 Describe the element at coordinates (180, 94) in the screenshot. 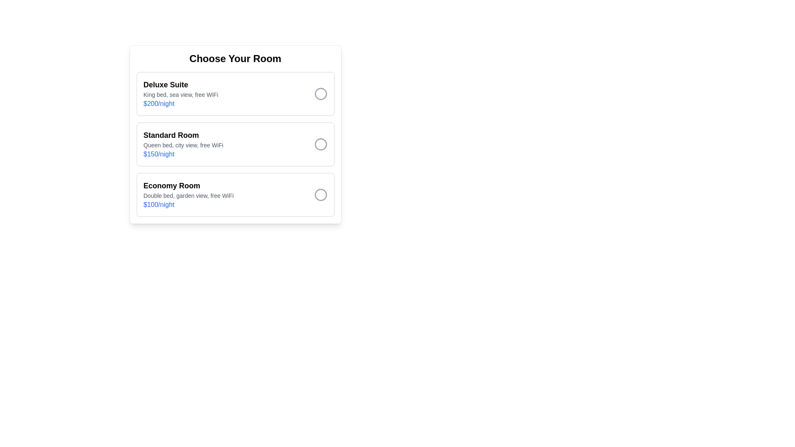

I see `the static text element that describes the features of the 'Deluxe Suite', located below the title and above the price '$200/night'` at that location.